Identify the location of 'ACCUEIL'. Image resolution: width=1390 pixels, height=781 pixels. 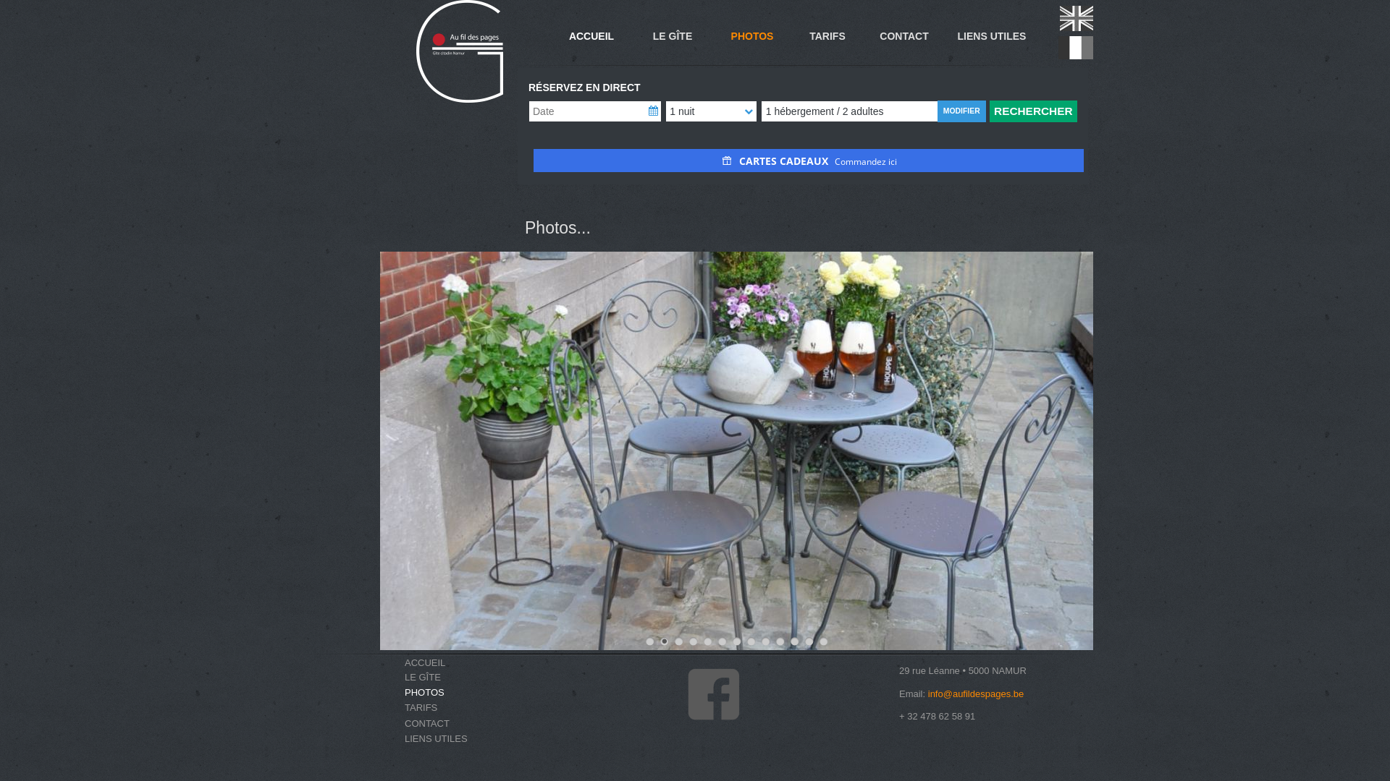
(451, 662).